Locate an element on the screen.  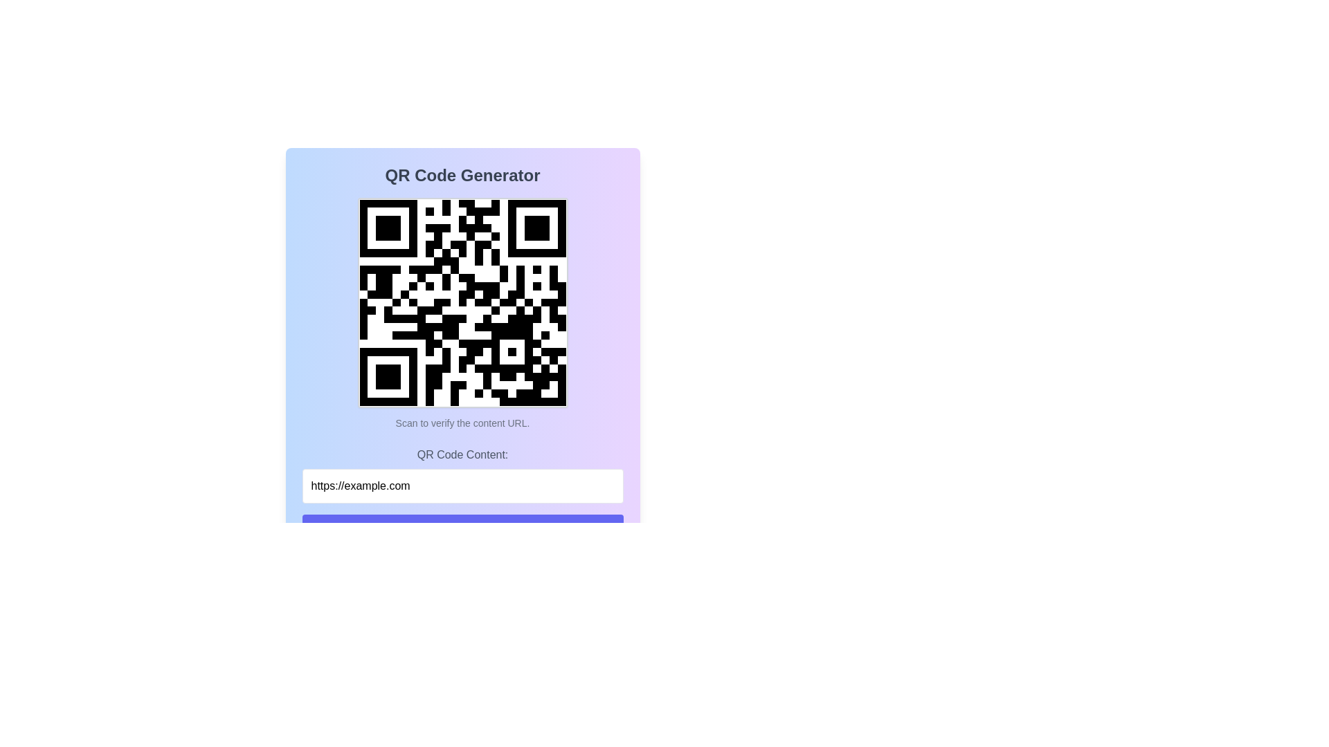
the text input field located below the QR code image and its label is located at coordinates (462, 474).